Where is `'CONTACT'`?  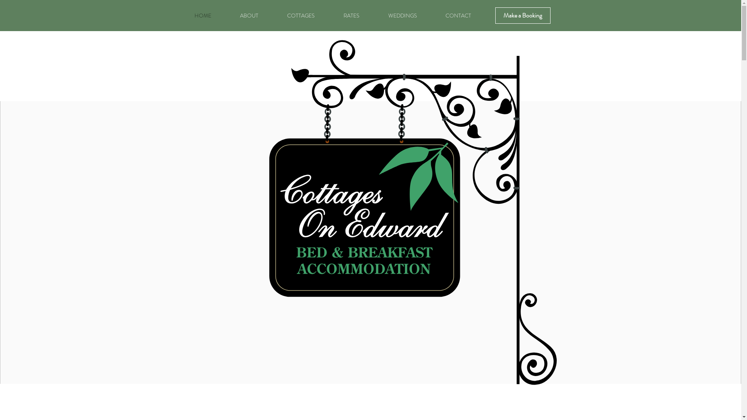 'CONTACT' is located at coordinates (431, 15).